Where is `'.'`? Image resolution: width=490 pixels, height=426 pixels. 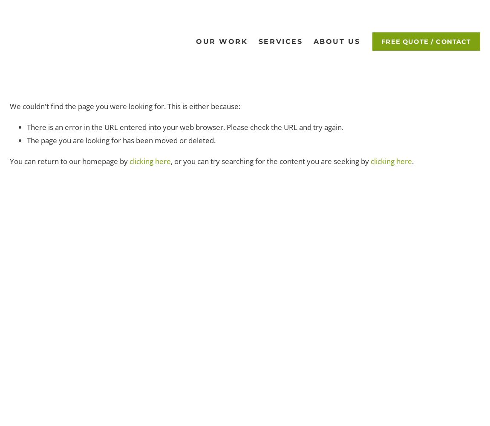
'.' is located at coordinates (412, 161).